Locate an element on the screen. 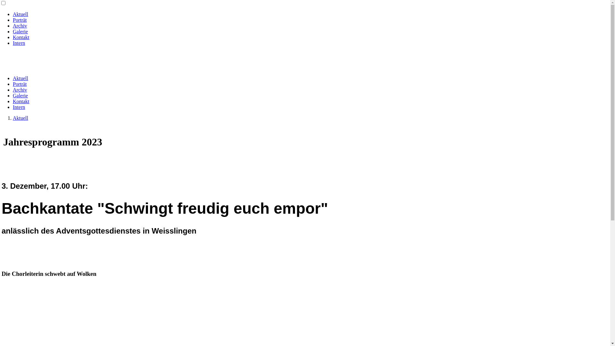 Image resolution: width=615 pixels, height=346 pixels. 'Archiv' is located at coordinates (20, 90).